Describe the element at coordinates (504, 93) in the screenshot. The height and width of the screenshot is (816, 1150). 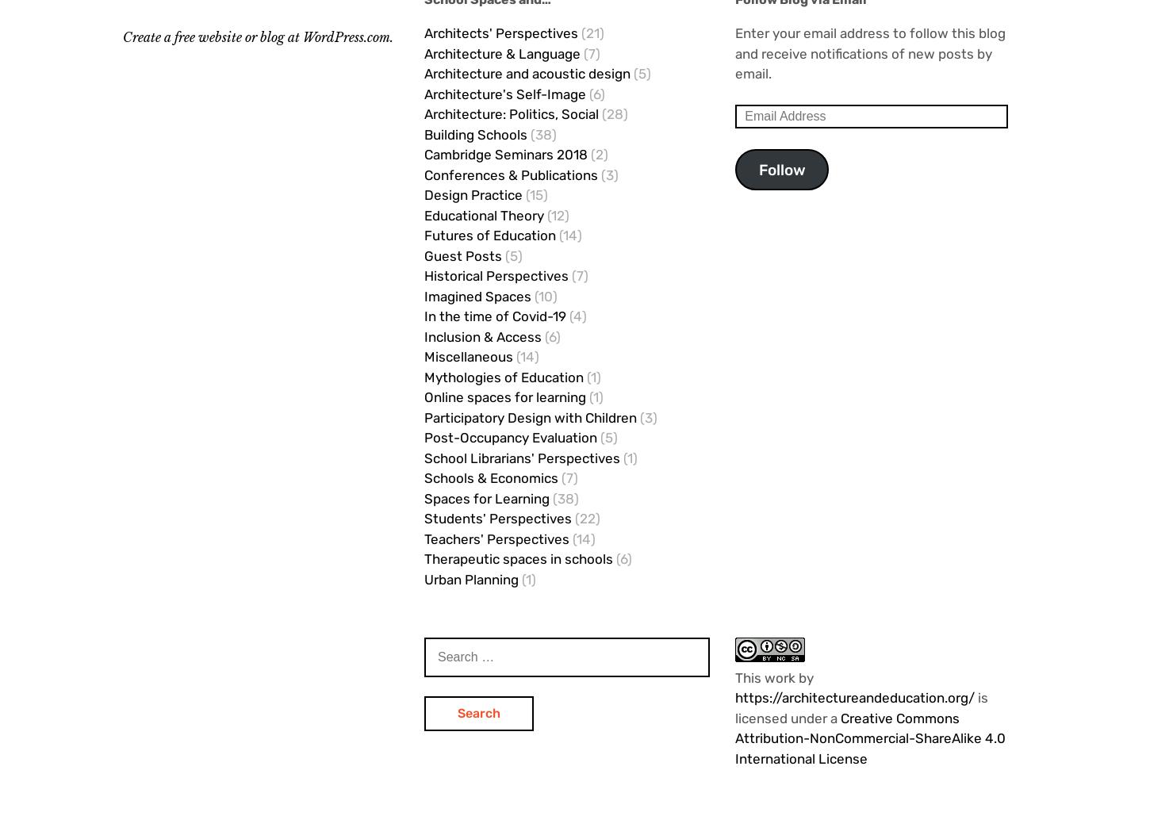
I see `'Architecture's Self-Image'` at that location.